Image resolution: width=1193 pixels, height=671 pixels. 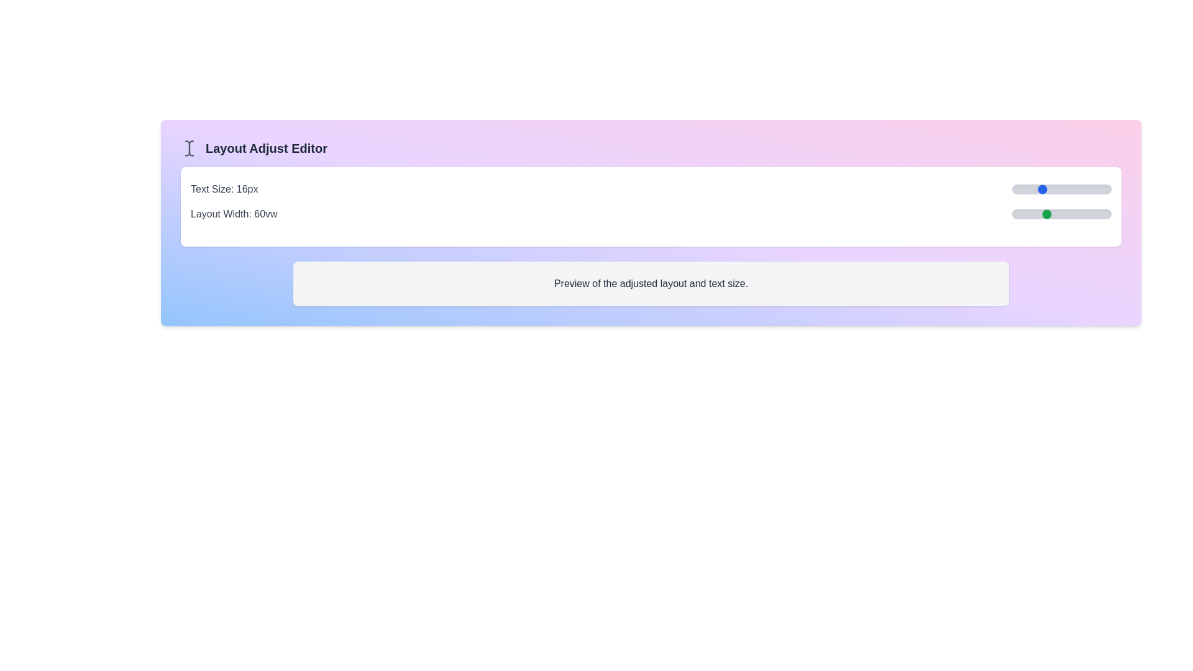 I want to click on the slider, so click(x=1030, y=189).